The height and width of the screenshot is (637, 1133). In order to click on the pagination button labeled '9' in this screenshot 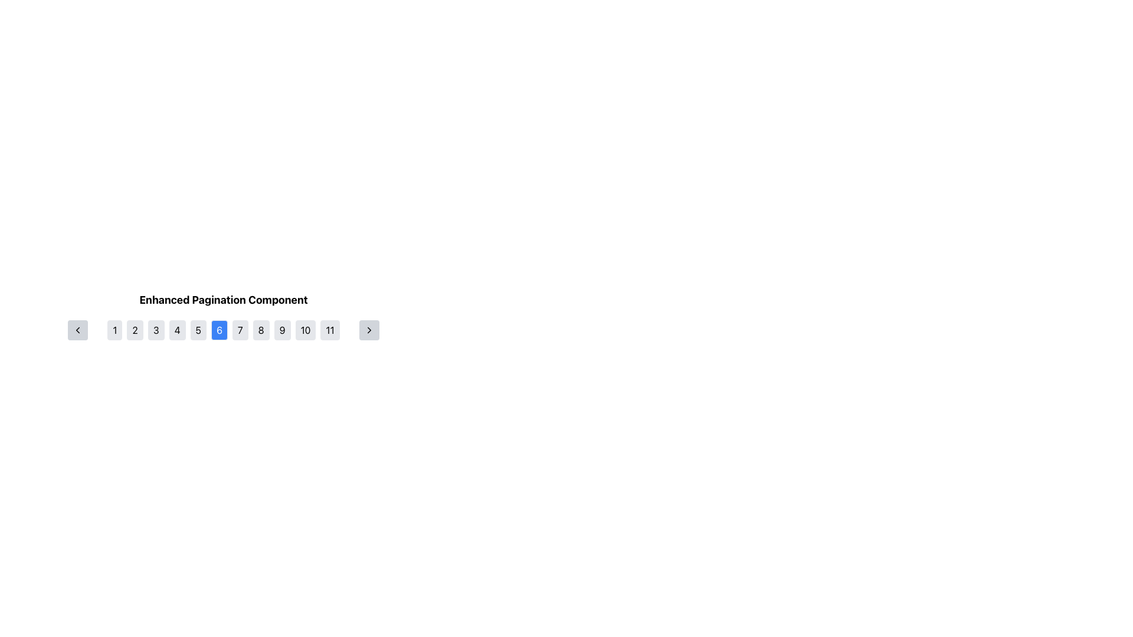, I will do `click(281, 330)`.